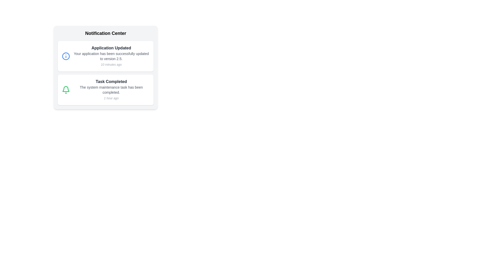  Describe the element at coordinates (105, 90) in the screenshot. I see `information presented in the informational notification section located in the second notification card of the 'Notification Center' panel, below the 'Application Updated' notification` at that location.